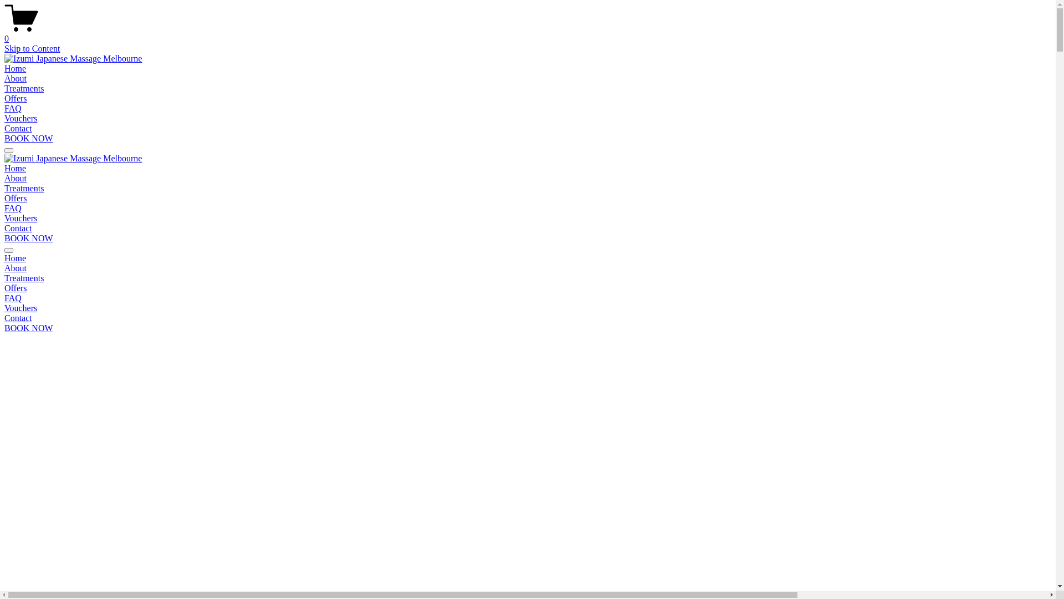  What do you see at coordinates (24, 88) in the screenshot?
I see `'Treatments'` at bounding box center [24, 88].